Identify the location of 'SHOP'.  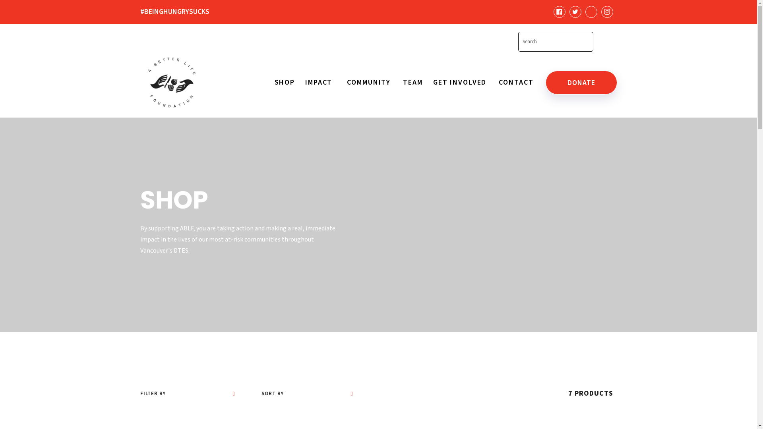
(274, 83).